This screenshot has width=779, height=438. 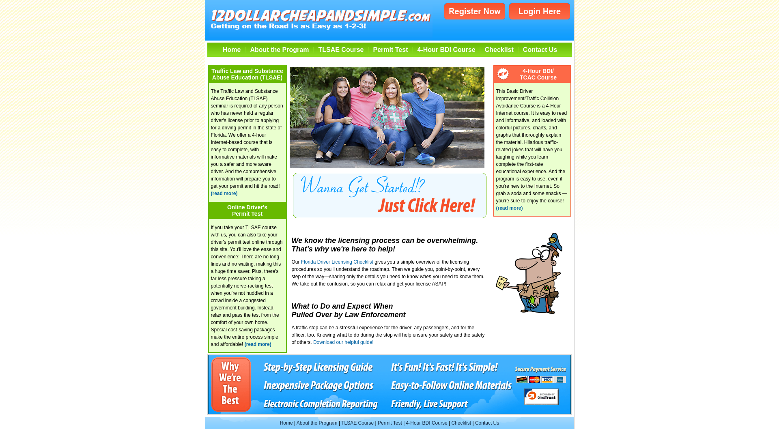 What do you see at coordinates (316, 422) in the screenshot?
I see `'About the Program'` at bounding box center [316, 422].